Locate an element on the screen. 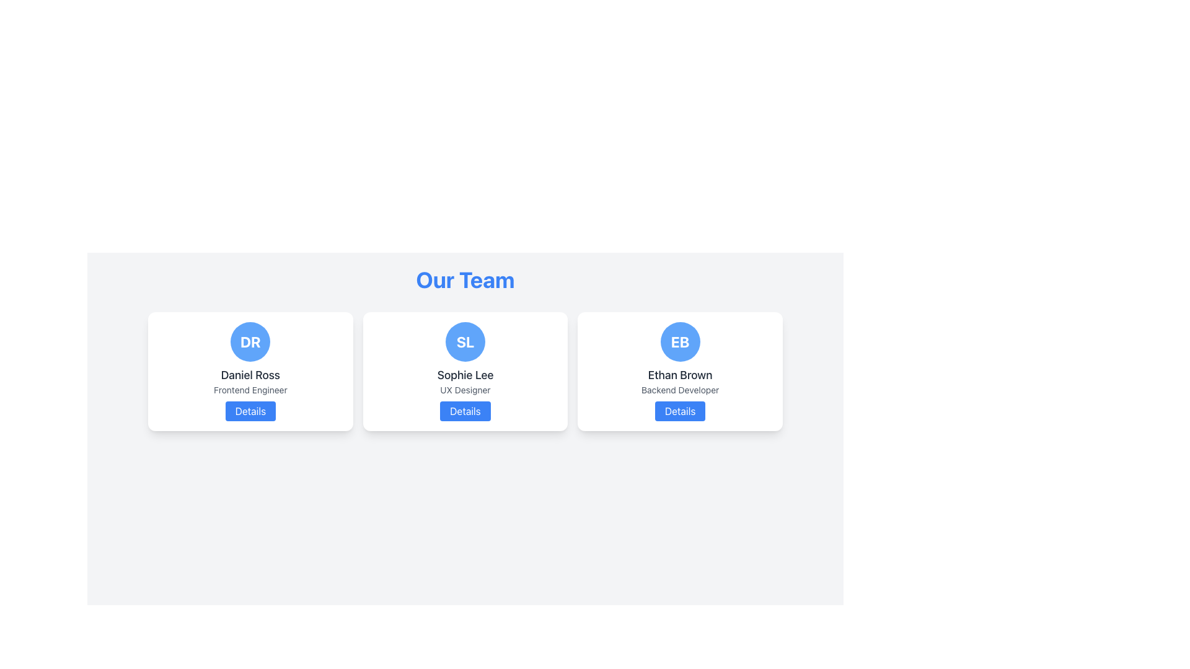 The width and height of the screenshot is (1190, 669). the informational label indicating the job title of 'Sophie Lee', which is positioned below the 'Sophie Lee' text and above the 'Details' button is located at coordinates (464, 389).